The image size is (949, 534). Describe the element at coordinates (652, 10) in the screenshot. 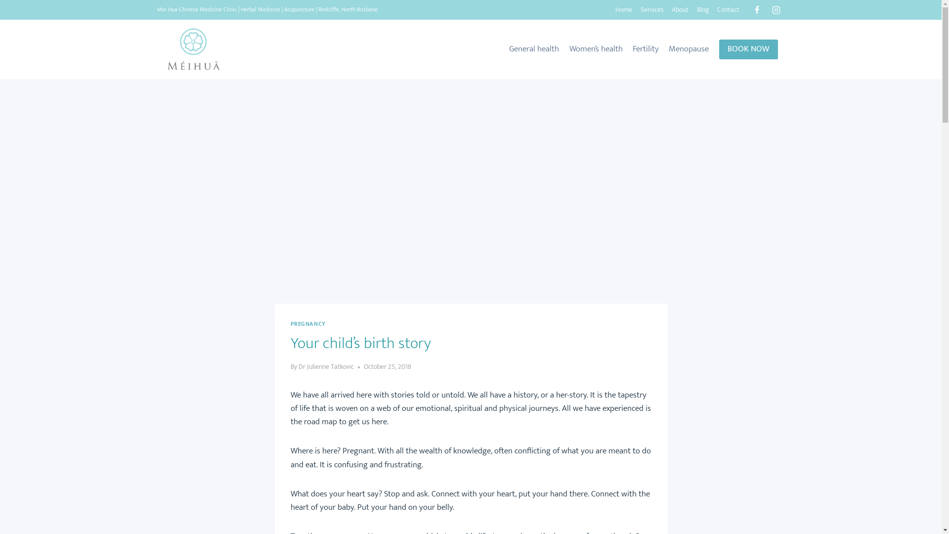

I see `'Services'` at that location.